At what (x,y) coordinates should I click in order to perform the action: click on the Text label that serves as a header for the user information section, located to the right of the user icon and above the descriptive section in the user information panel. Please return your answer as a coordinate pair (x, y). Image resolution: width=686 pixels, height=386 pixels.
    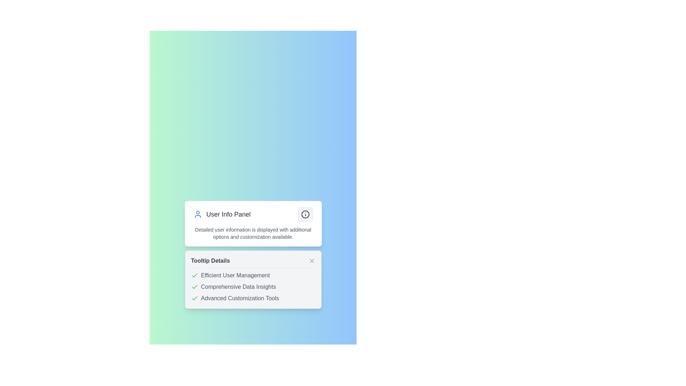
    Looking at the image, I should click on (228, 214).